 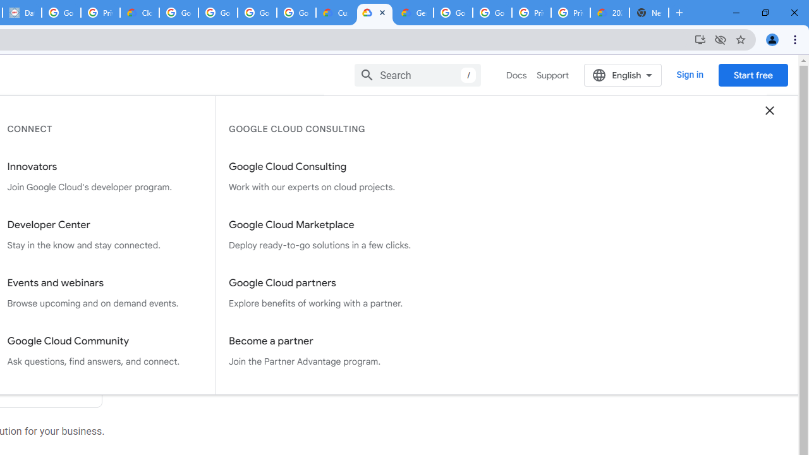 What do you see at coordinates (105, 235) in the screenshot?
I see `'Developer Center Stay in the know and stay connected.'` at bounding box center [105, 235].